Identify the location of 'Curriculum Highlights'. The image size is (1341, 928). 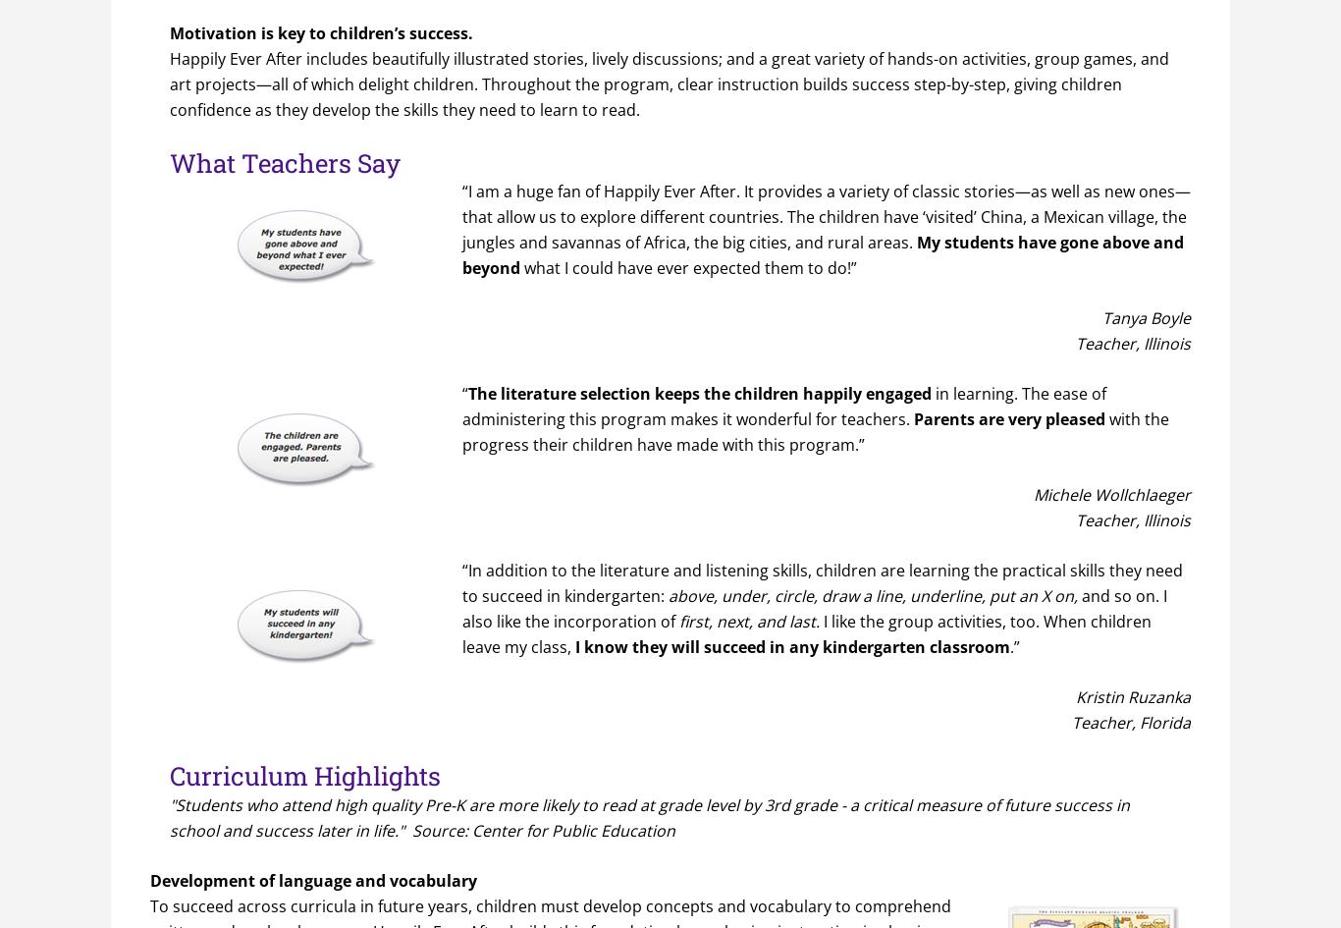
(305, 775).